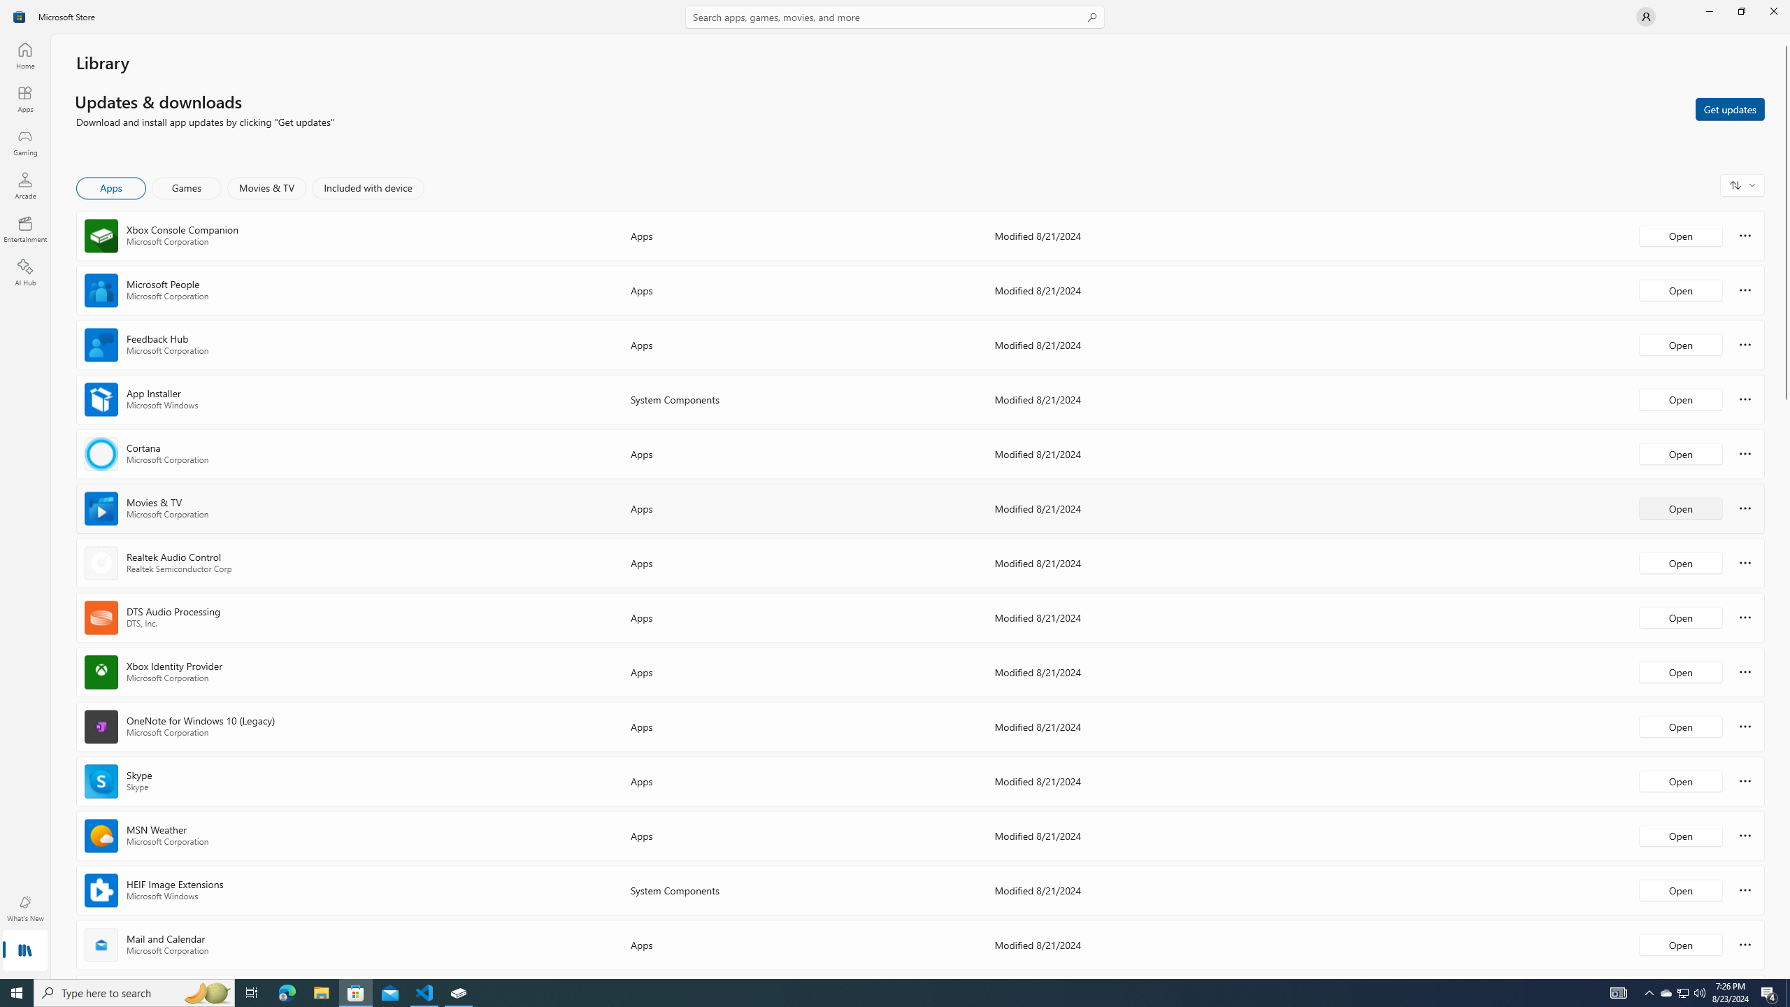 This screenshot has height=1007, width=1790. Describe the element at coordinates (24, 185) in the screenshot. I see `'Arcade'` at that location.